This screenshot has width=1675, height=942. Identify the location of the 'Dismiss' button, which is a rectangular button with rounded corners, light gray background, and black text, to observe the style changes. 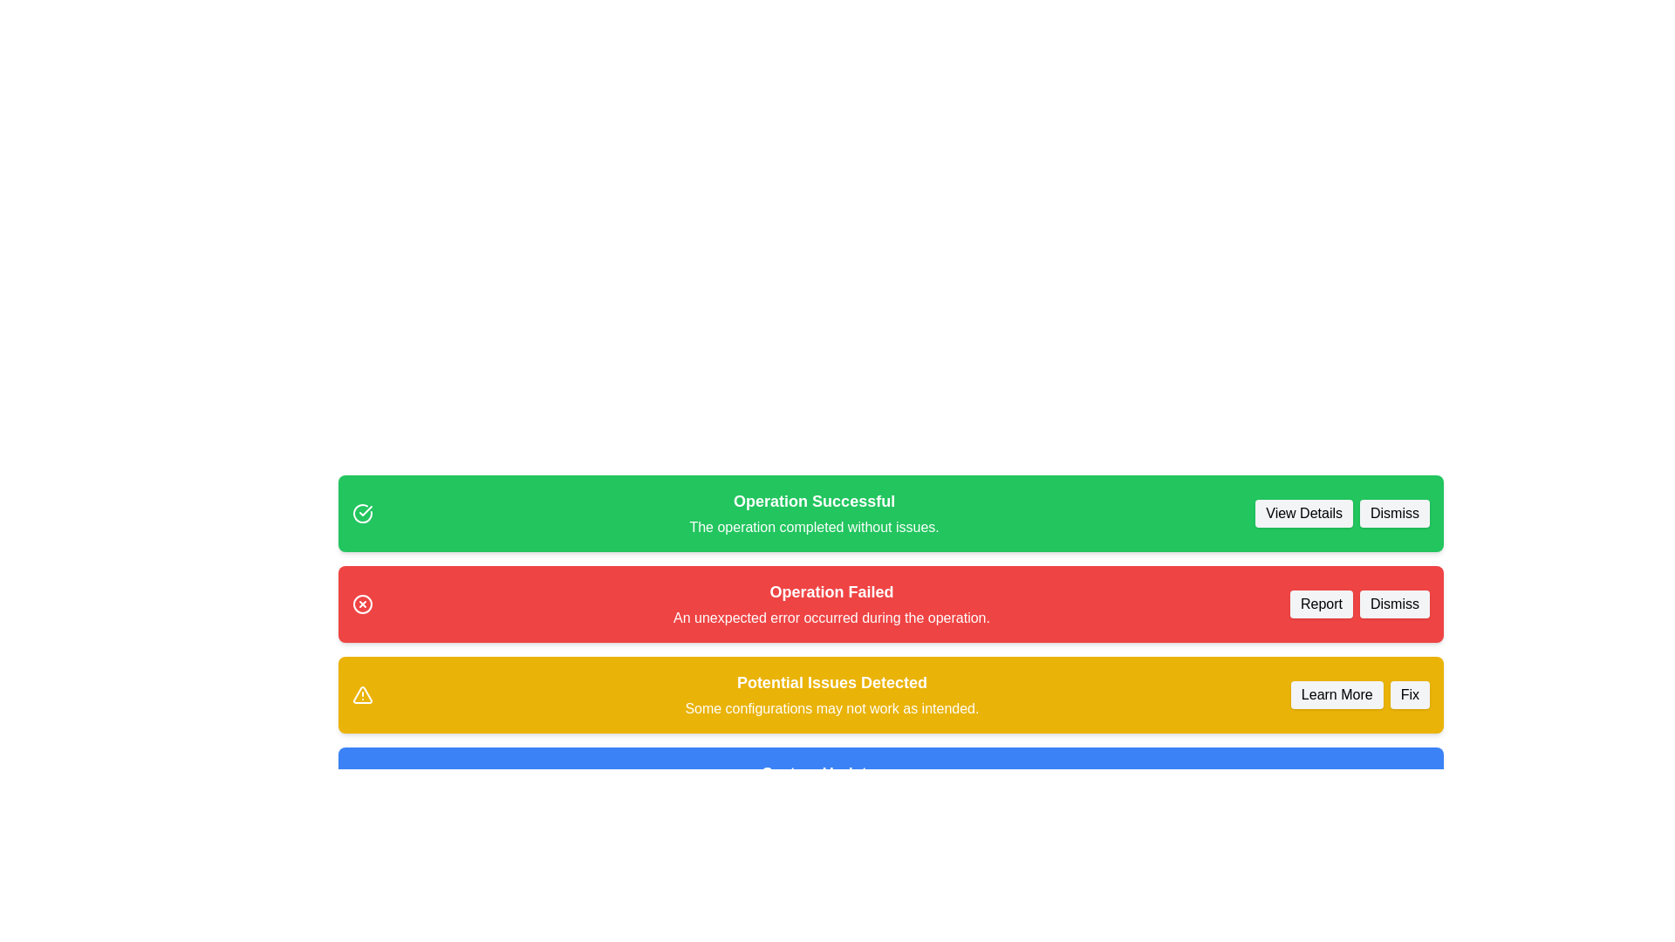
(1393, 513).